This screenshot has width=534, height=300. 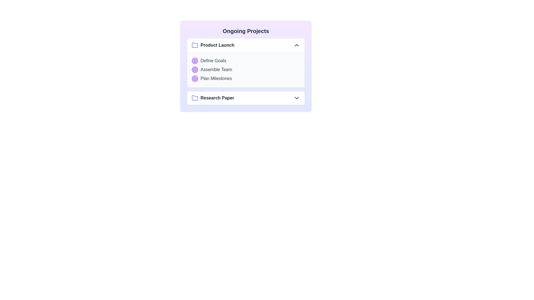 What do you see at coordinates (195, 45) in the screenshot?
I see `the folder icon for the Product Launch project` at bounding box center [195, 45].